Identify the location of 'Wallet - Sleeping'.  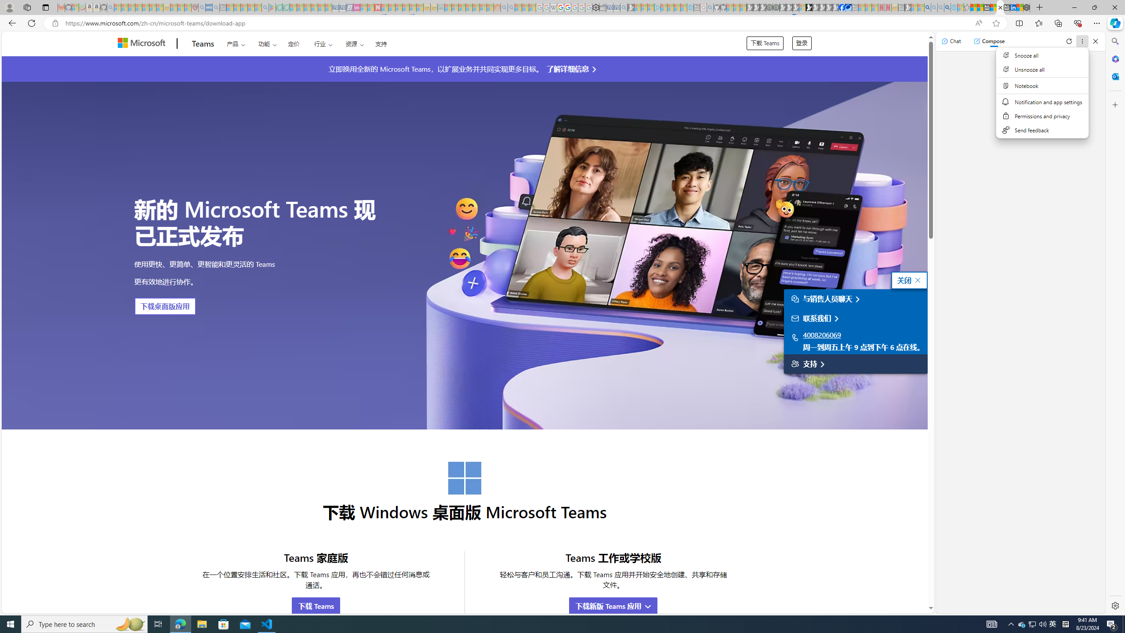
(602, 7).